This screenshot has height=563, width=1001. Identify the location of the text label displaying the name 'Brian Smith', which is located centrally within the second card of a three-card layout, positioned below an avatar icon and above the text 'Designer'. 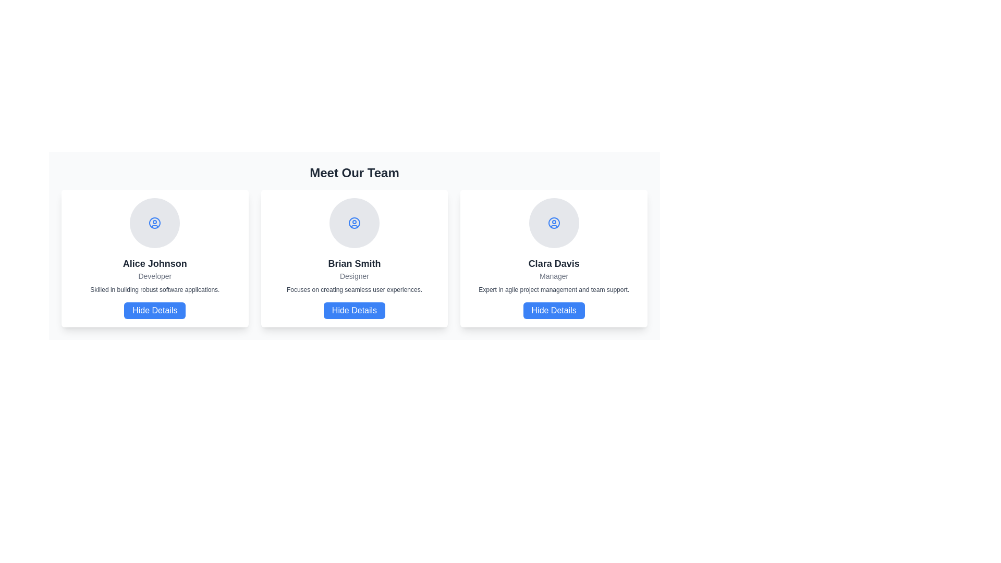
(355, 263).